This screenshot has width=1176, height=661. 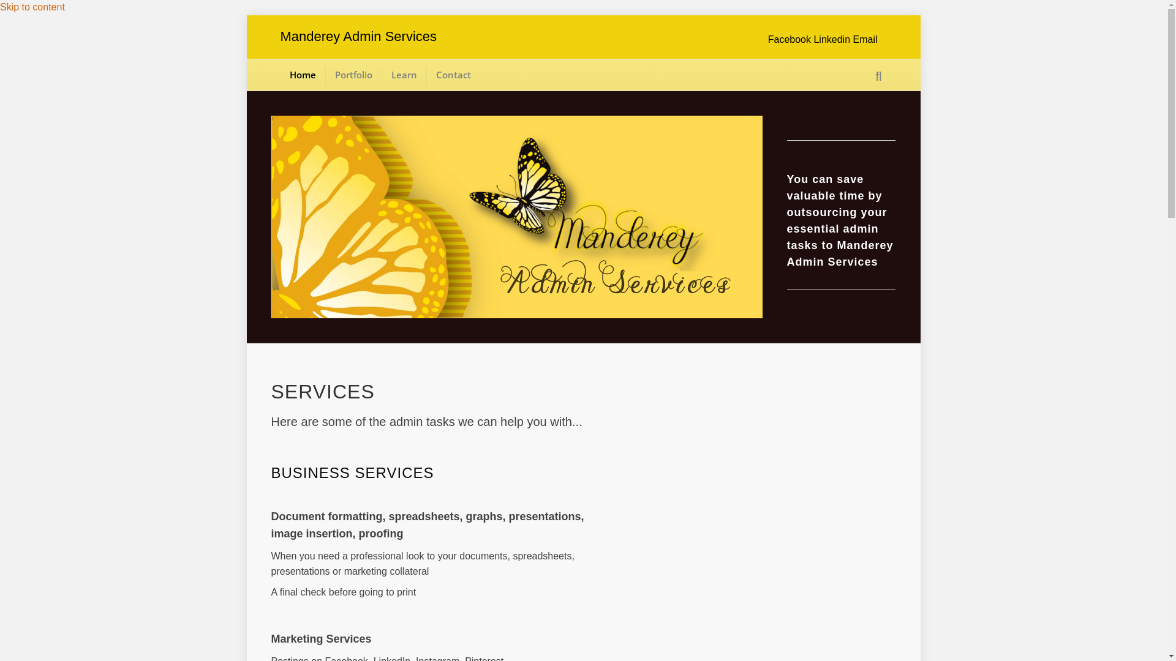 I want to click on 'SERVICES', so click(x=269, y=392).